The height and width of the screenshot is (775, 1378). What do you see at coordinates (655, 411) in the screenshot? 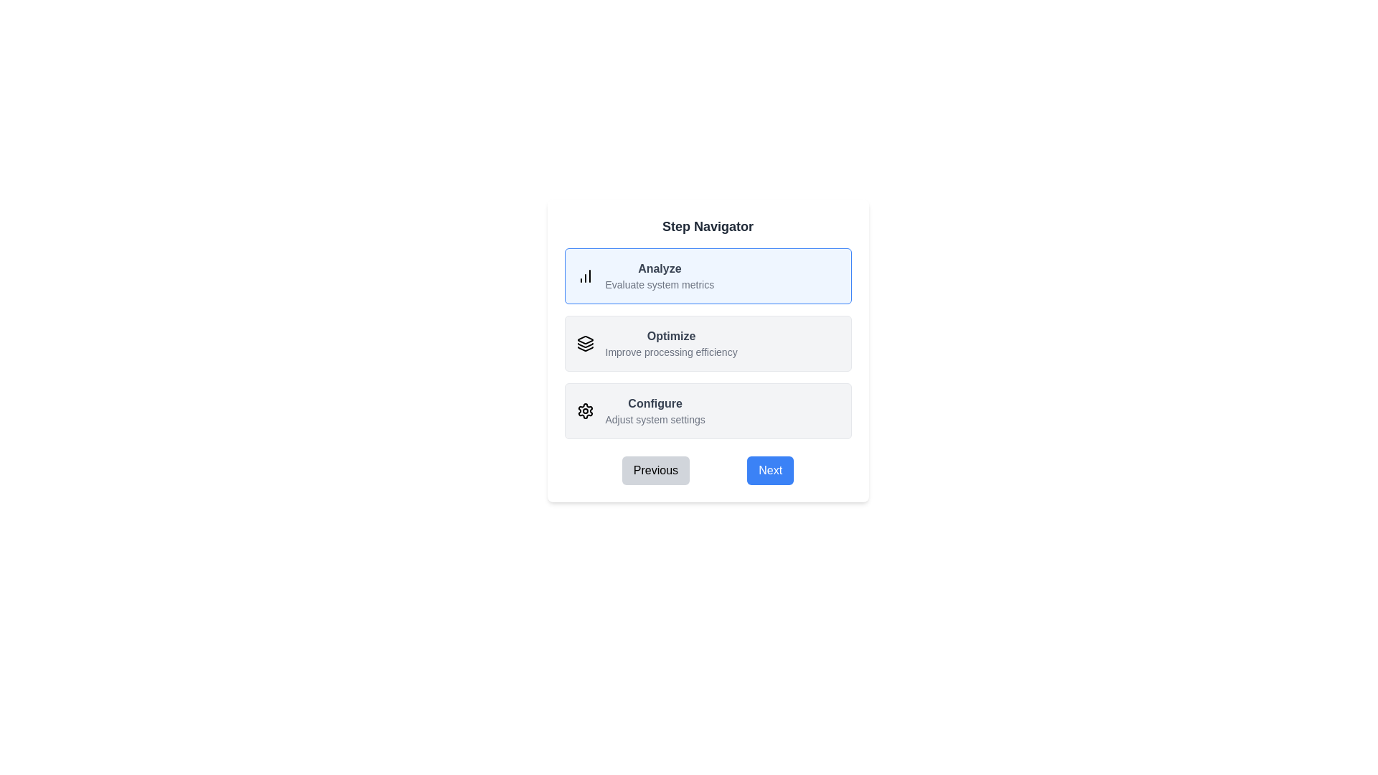
I see `the 'Configure' text label, which is a two-line element with 'Configure' in bold dark gray and 'Adjust system settings' in smaller lighter gray, positioned below 'Analyze' and 'Optimize'` at bounding box center [655, 411].